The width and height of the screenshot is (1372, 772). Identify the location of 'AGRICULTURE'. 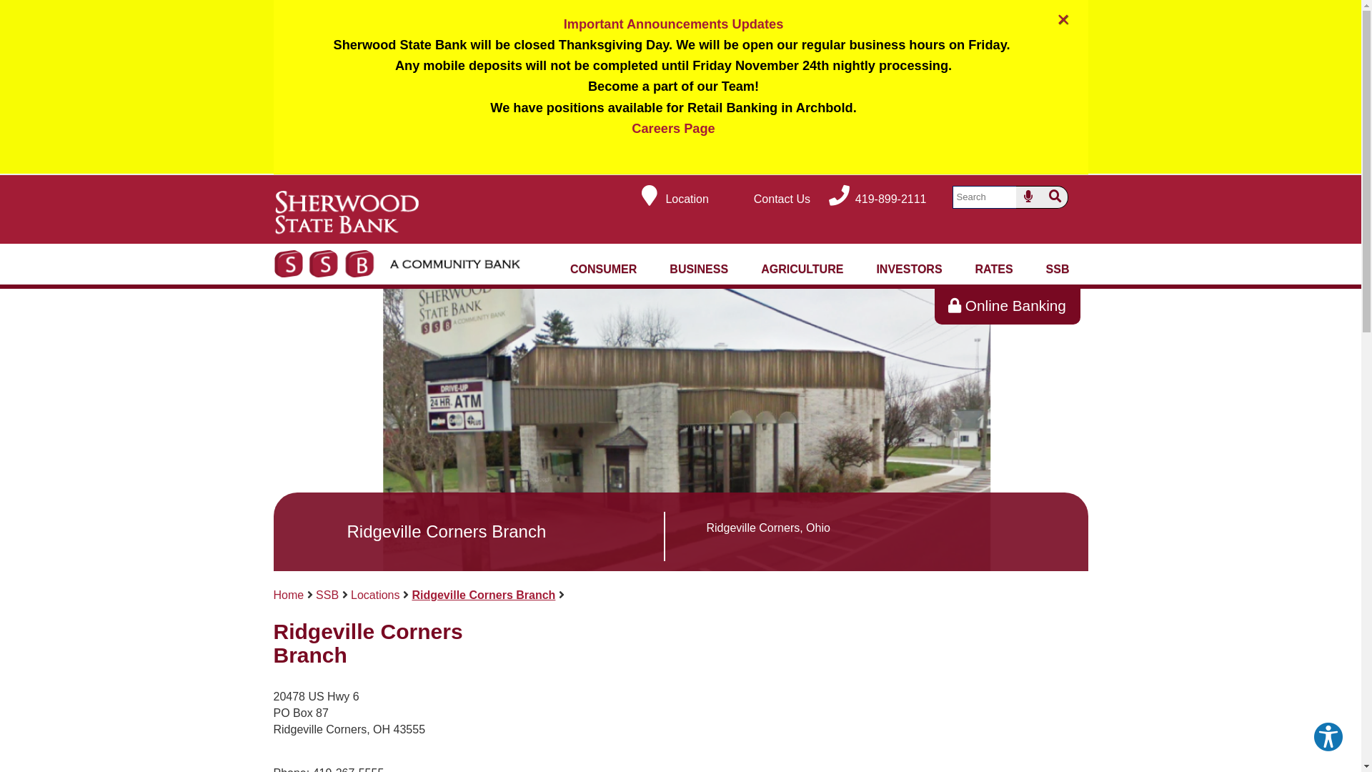
(802, 269).